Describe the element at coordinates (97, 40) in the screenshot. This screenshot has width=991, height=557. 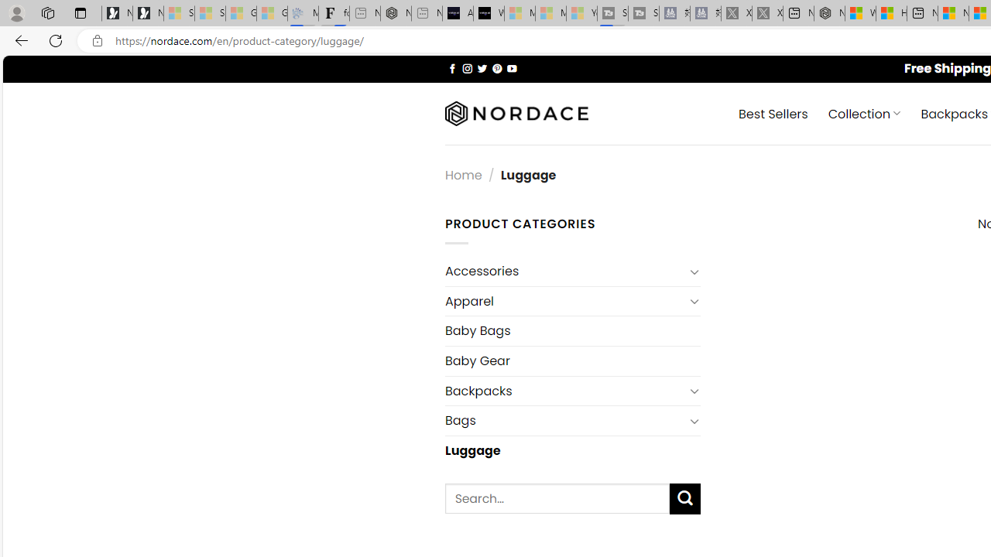
I see `'View site information'` at that location.